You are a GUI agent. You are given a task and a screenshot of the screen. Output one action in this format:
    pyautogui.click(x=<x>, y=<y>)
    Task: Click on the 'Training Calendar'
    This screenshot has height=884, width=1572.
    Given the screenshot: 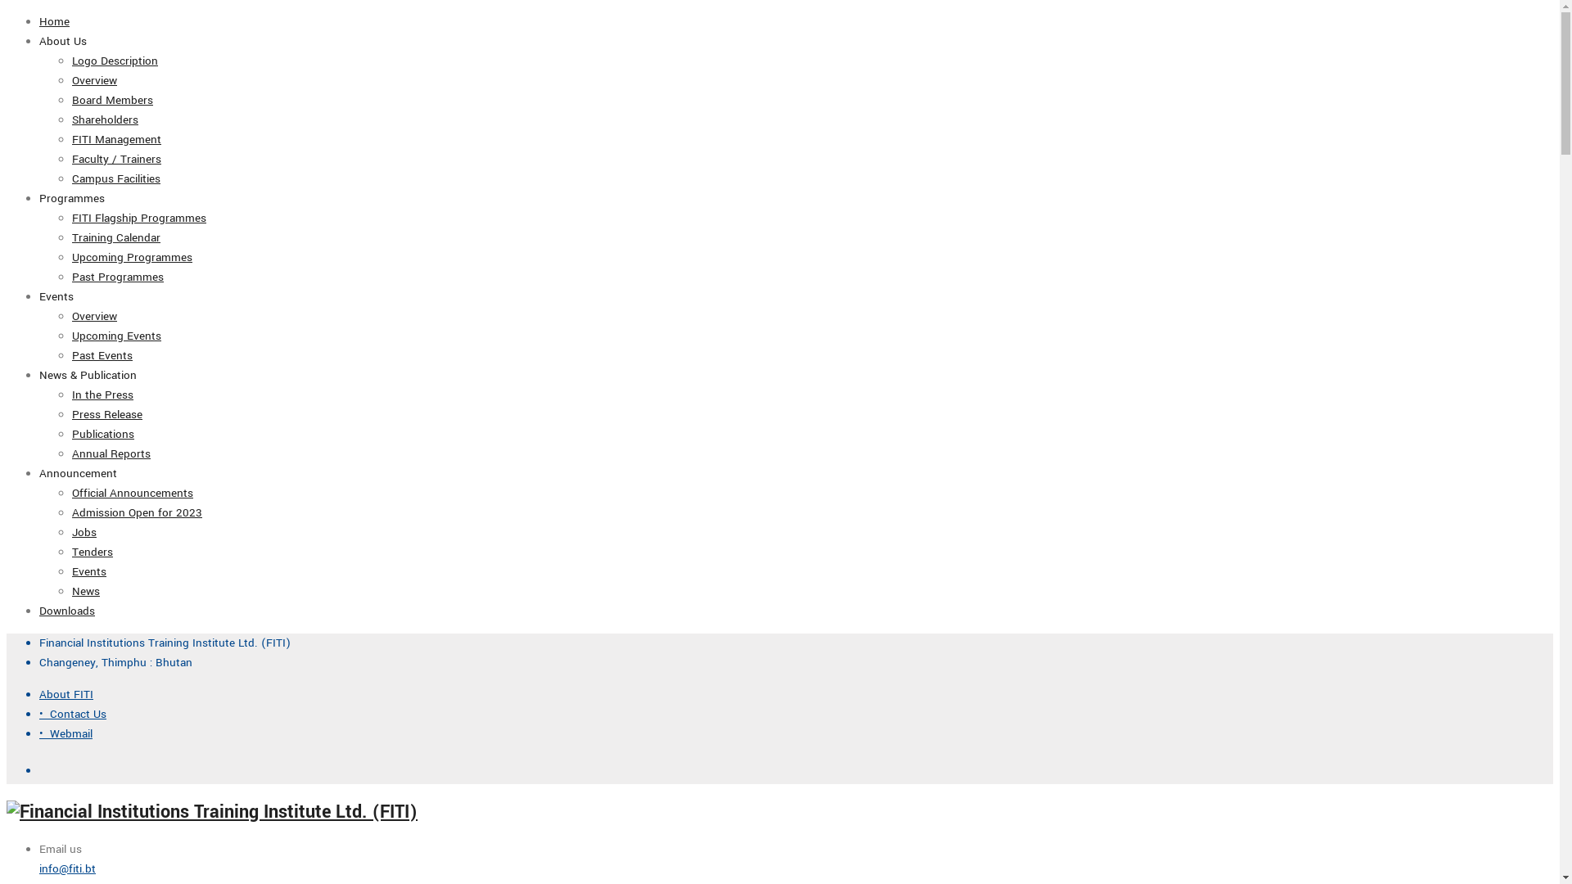 What is the action you would take?
    pyautogui.click(x=115, y=237)
    